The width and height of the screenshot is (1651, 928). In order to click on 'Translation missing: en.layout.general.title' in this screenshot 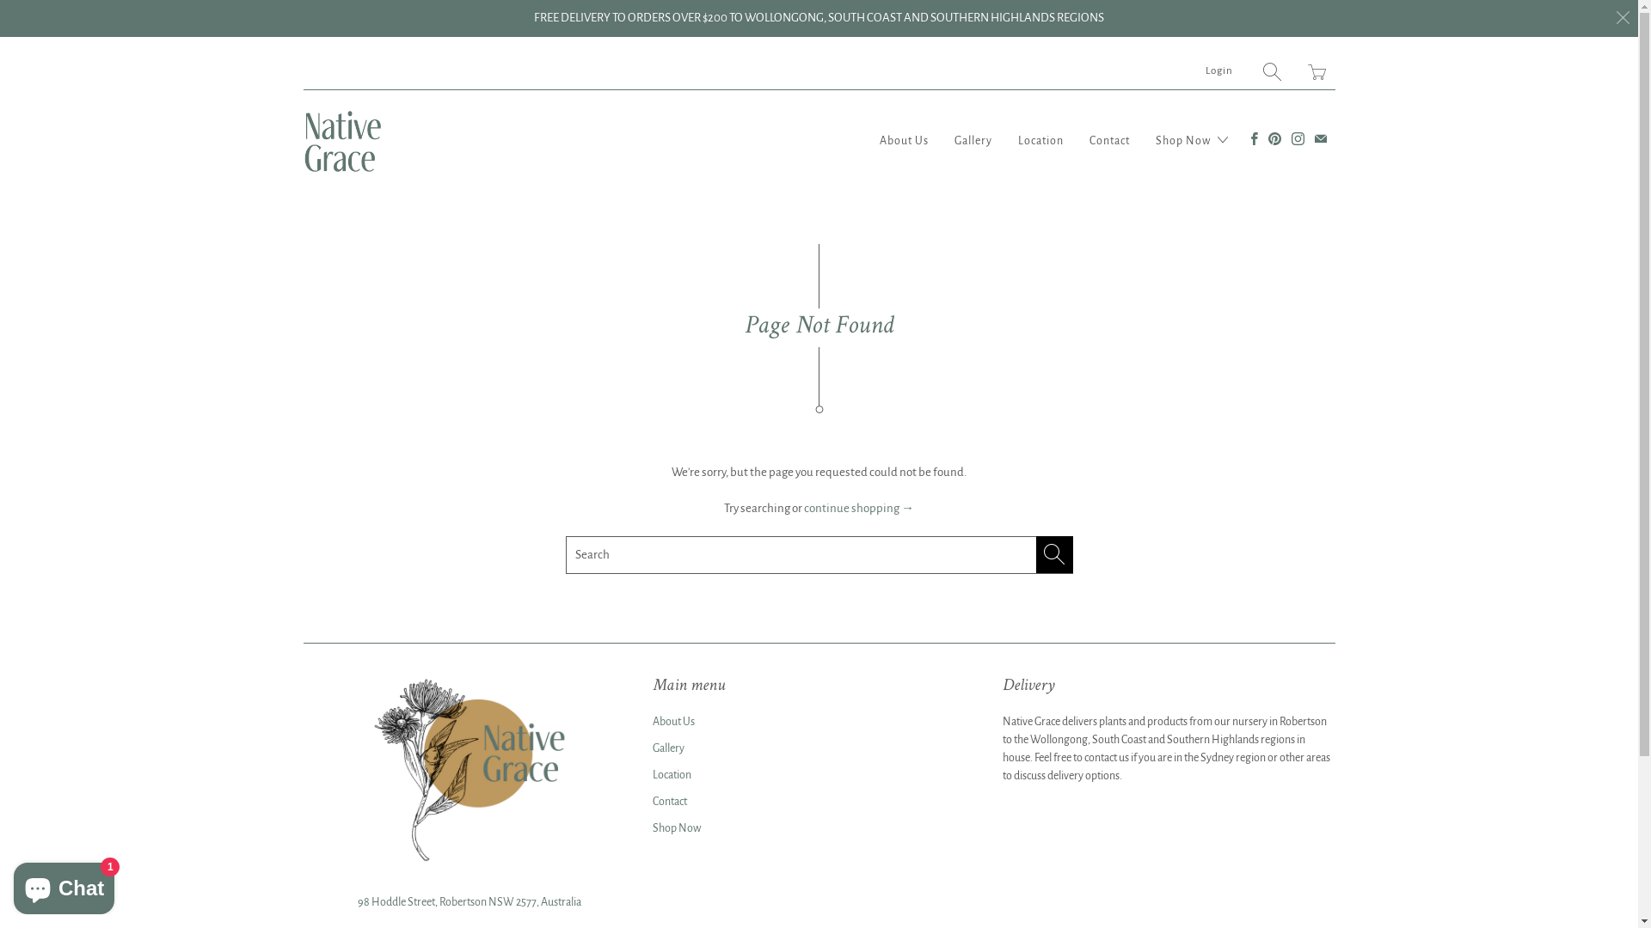, I will do `click(1316, 70)`.